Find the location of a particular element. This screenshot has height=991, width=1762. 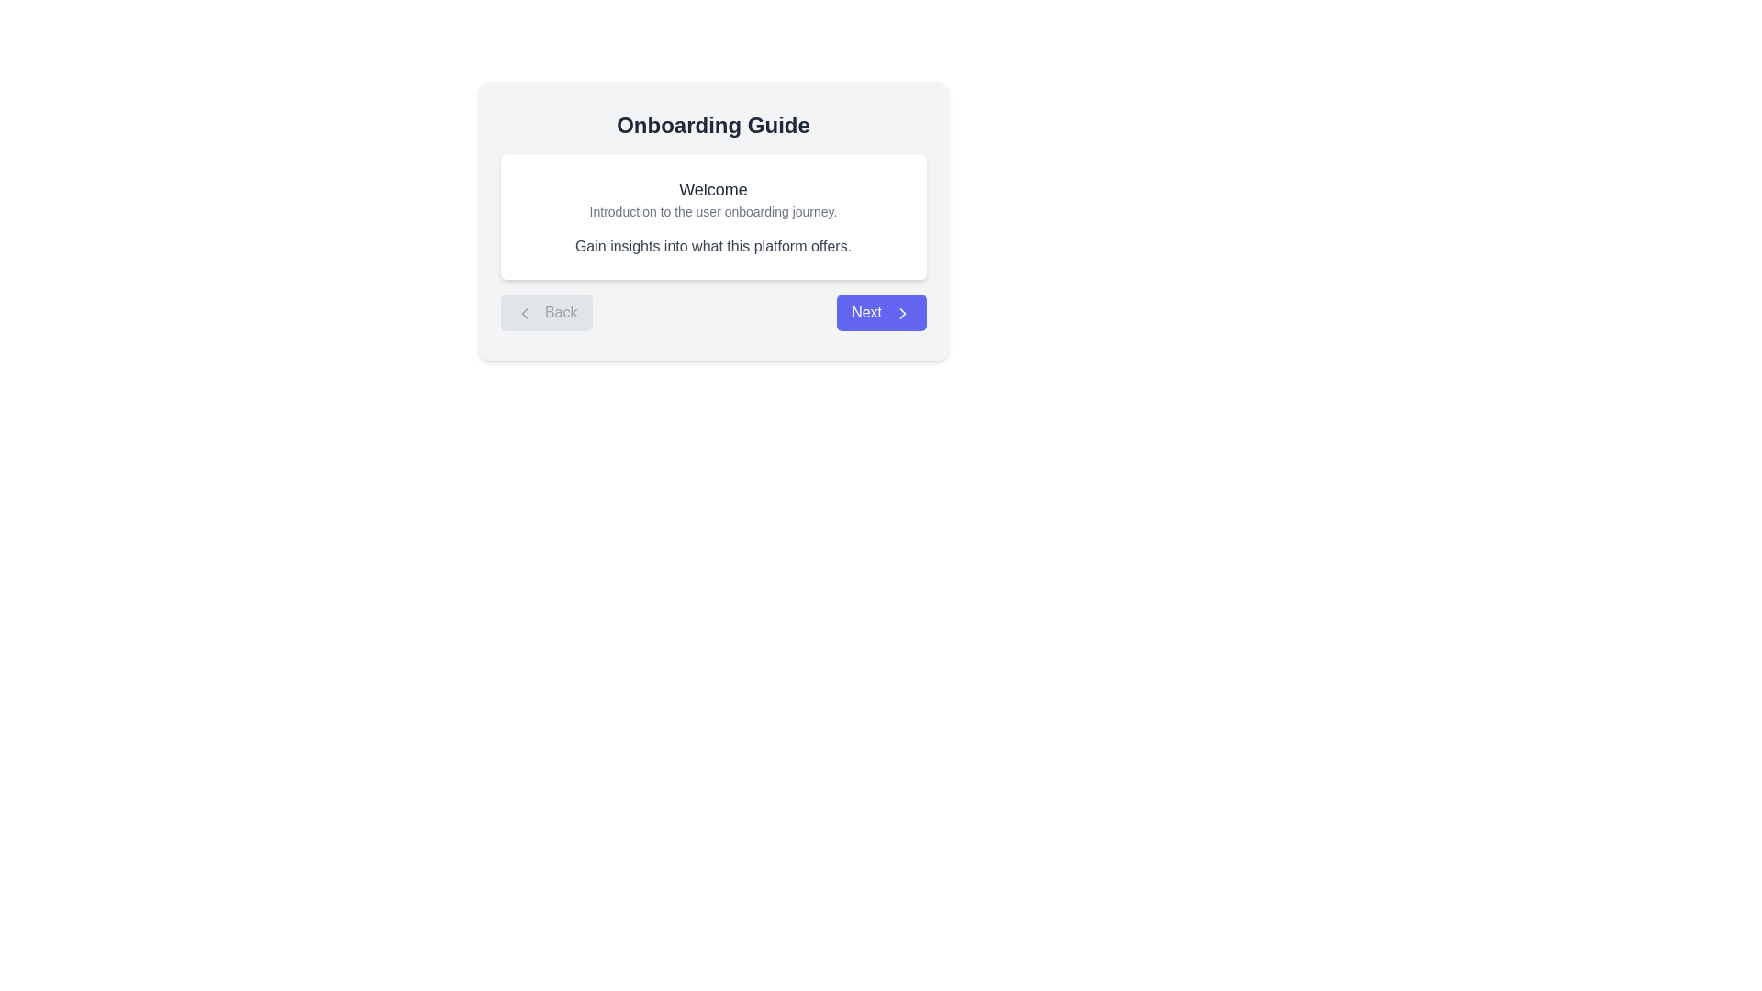

the 'Back' button with a left-arrow icon is located at coordinates (545, 311).